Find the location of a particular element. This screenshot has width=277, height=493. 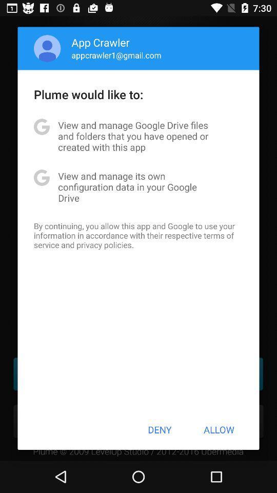

app below the by continuing you item is located at coordinates (160, 429).